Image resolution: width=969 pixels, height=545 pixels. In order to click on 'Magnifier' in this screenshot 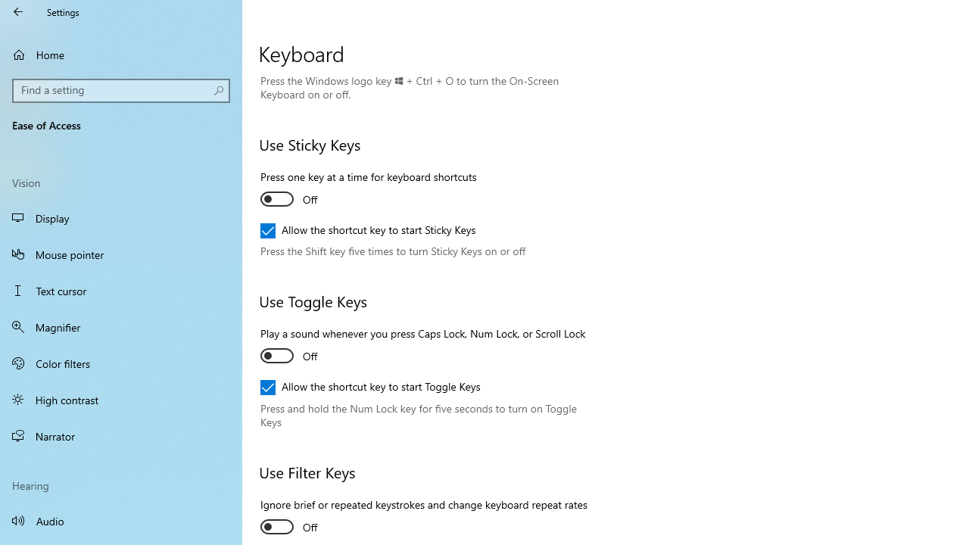, I will do `click(121, 326)`.